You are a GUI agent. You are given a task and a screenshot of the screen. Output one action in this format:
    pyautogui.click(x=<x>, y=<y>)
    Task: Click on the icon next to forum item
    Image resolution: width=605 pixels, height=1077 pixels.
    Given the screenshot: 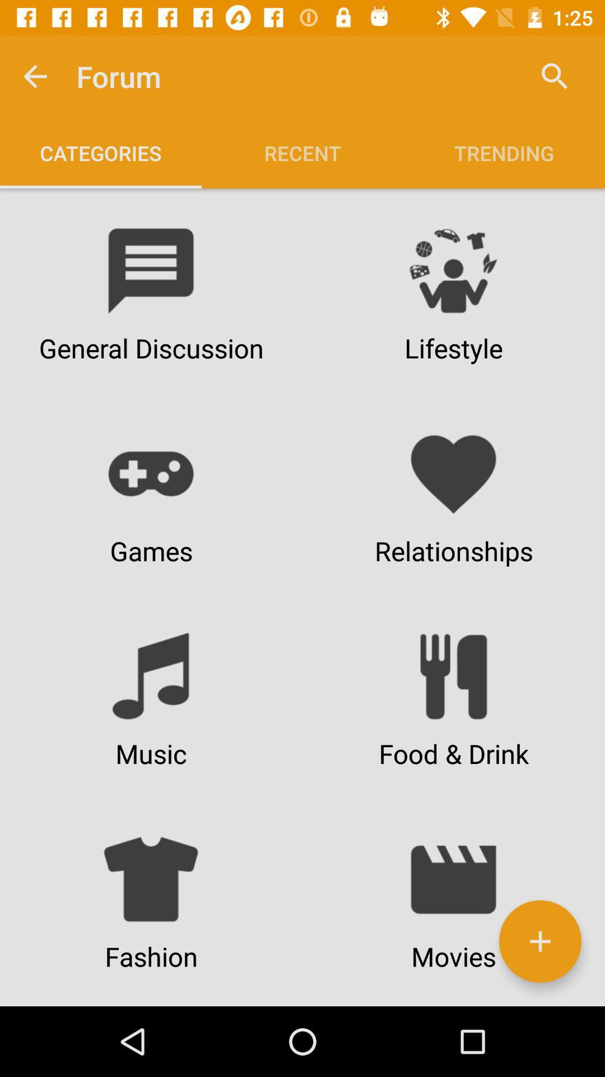 What is the action you would take?
    pyautogui.click(x=34, y=76)
    